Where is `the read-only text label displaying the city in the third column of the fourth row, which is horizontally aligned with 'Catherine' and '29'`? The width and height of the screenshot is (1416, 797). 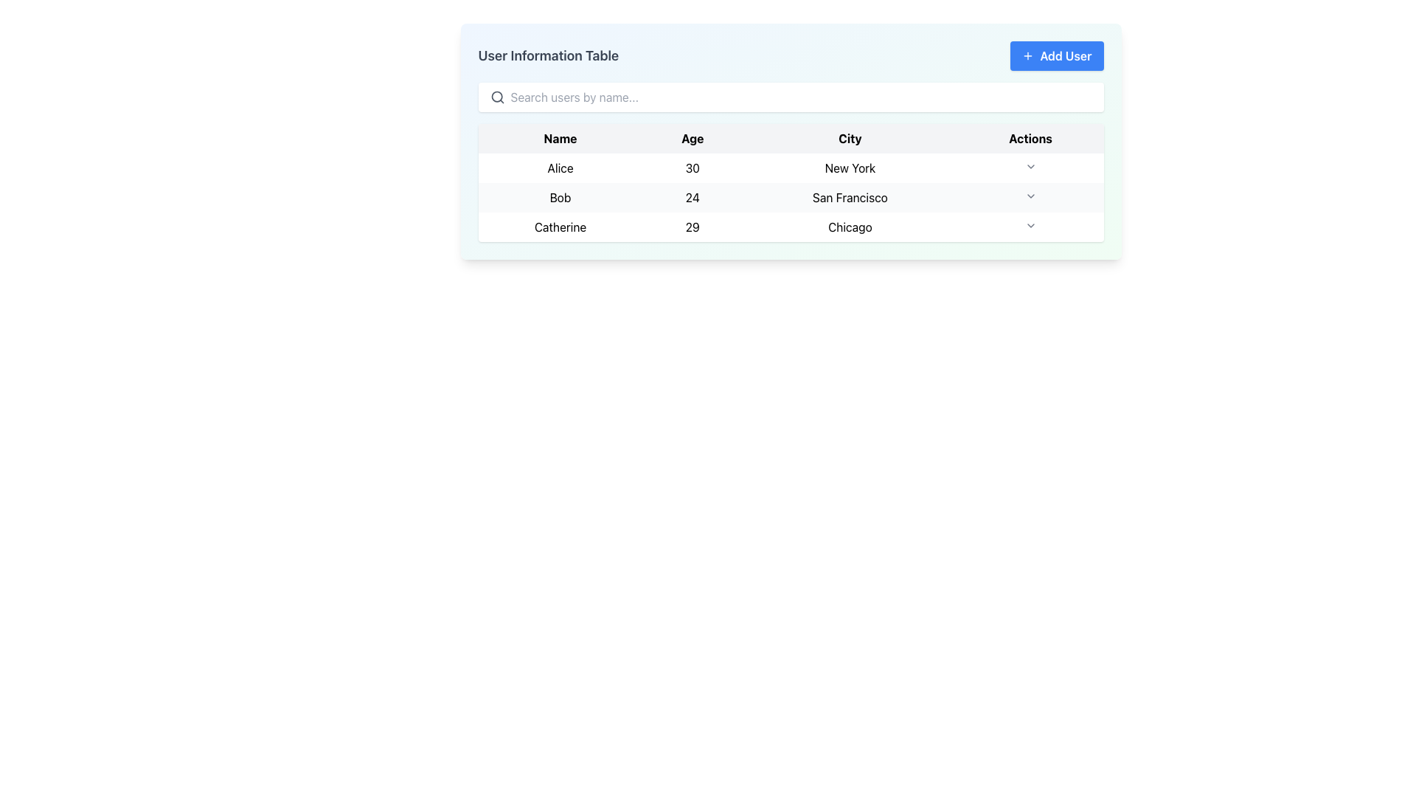 the read-only text label displaying the city in the third column of the fourth row, which is horizontally aligned with 'Catherine' and '29' is located at coordinates (850, 227).